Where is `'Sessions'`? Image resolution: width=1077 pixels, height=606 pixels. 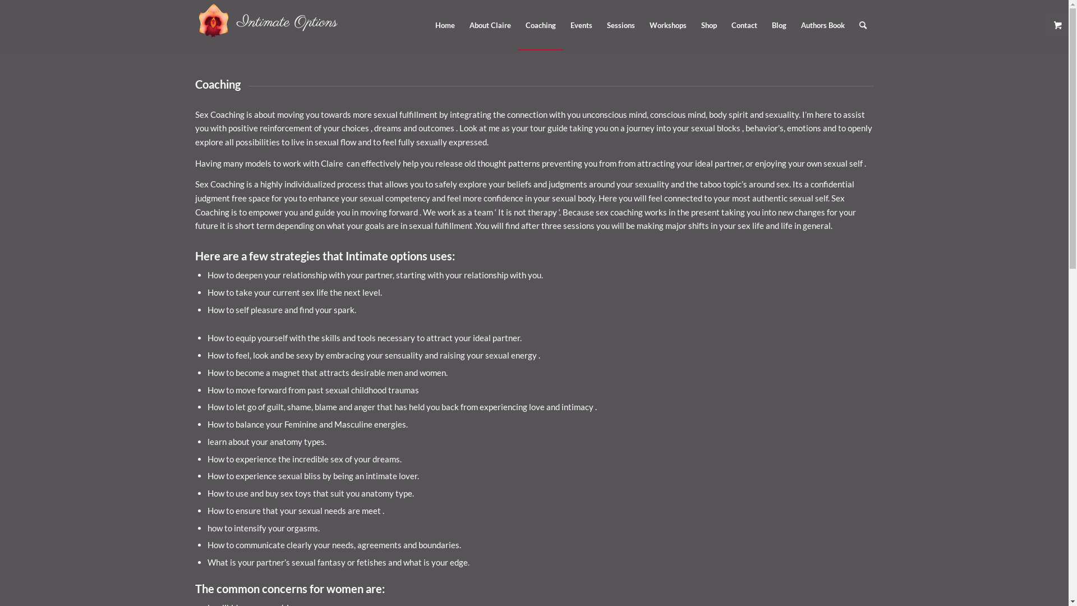
'Sessions' is located at coordinates (619, 25).